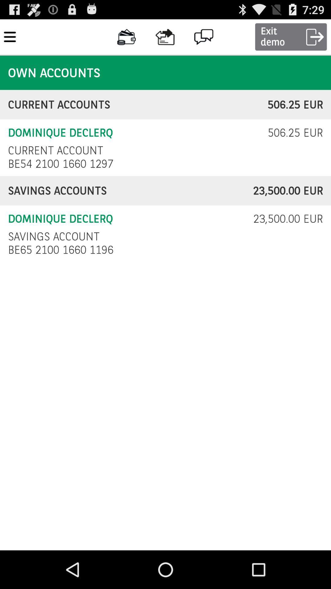 The height and width of the screenshot is (589, 331). What do you see at coordinates (165, 37) in the screenshot?
I see `the icon on left to the chat icon on the web page` at bounding box center [165, 37].